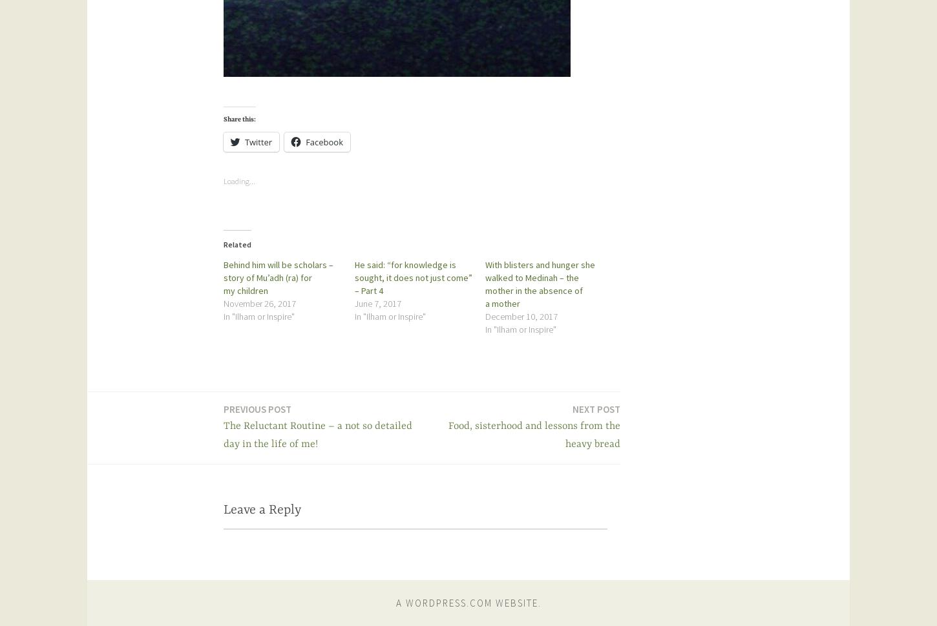  What do you see at coordinates (237, 244) in the screenshot?
I see `'Related'` at bounding box center [237, 244].